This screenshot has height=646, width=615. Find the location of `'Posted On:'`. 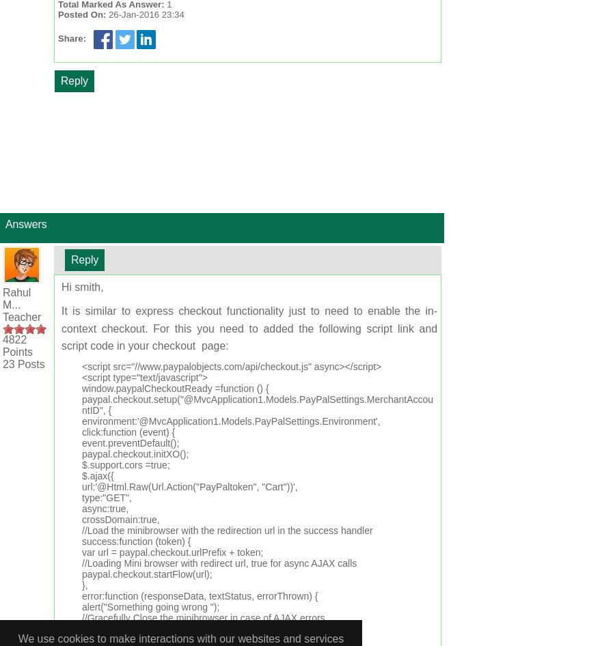

'Posted On:' is located at coordinates (83, 14).